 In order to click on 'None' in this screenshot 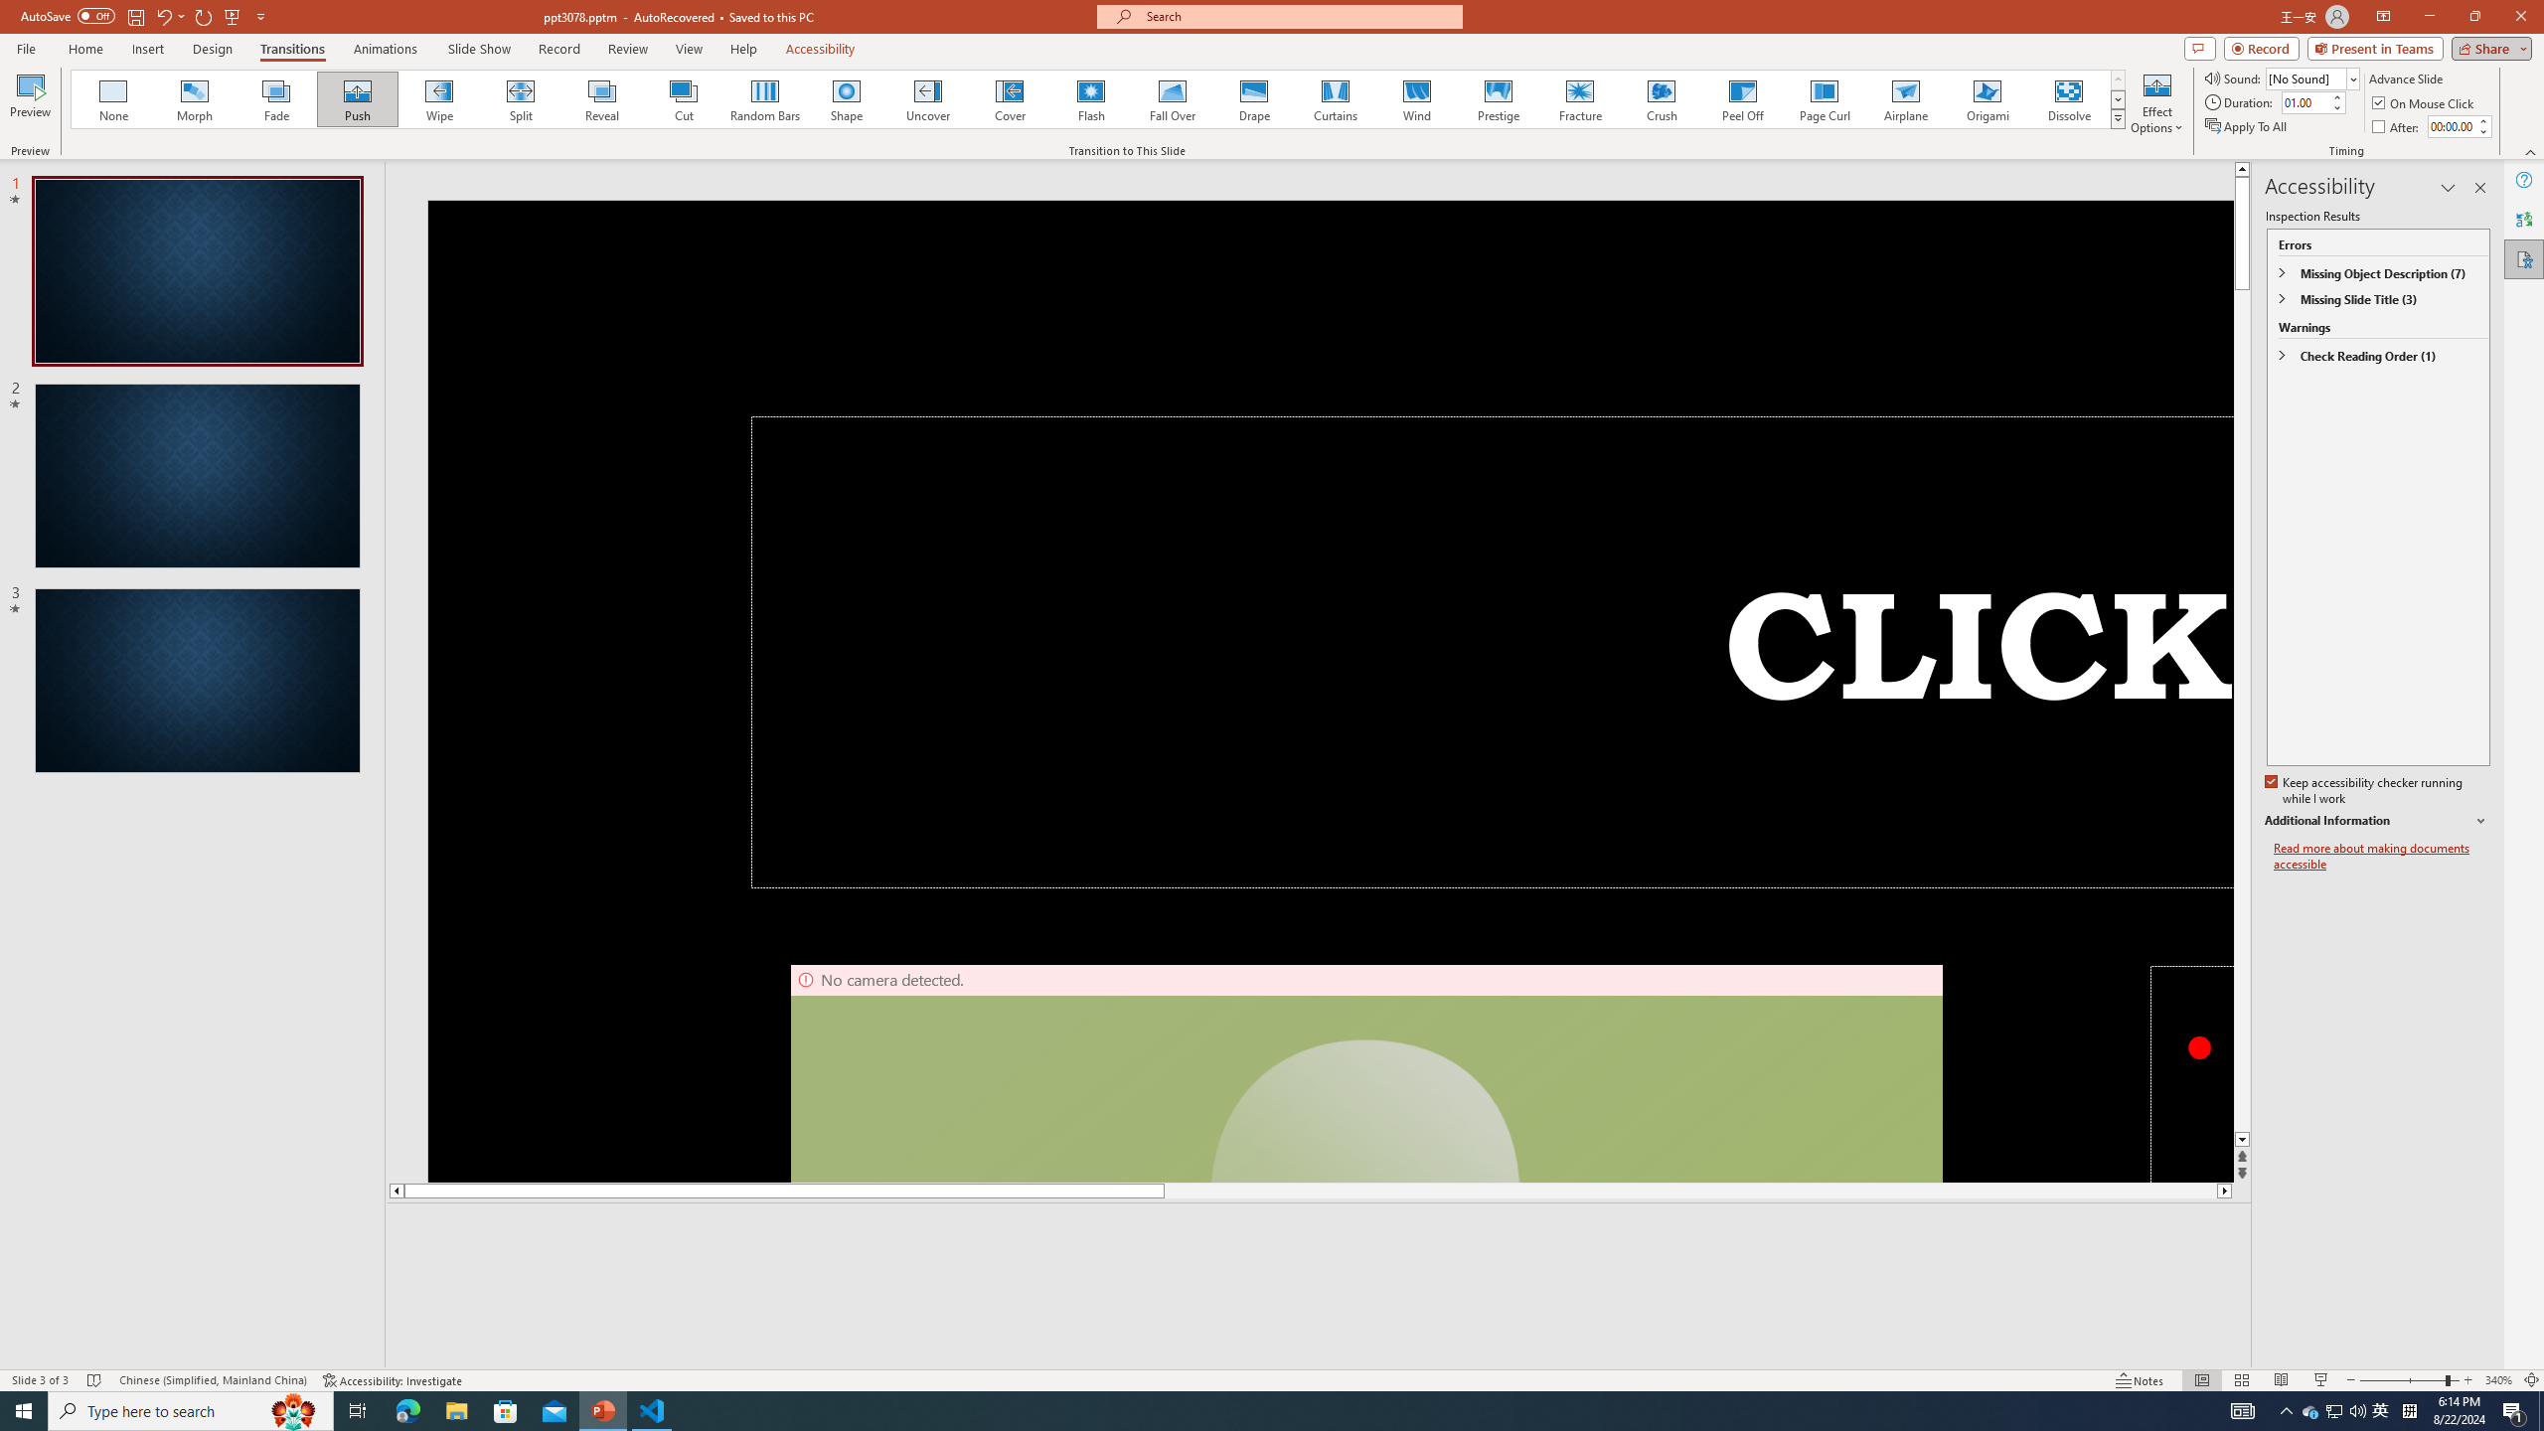, I will do `click(113, 98)`.